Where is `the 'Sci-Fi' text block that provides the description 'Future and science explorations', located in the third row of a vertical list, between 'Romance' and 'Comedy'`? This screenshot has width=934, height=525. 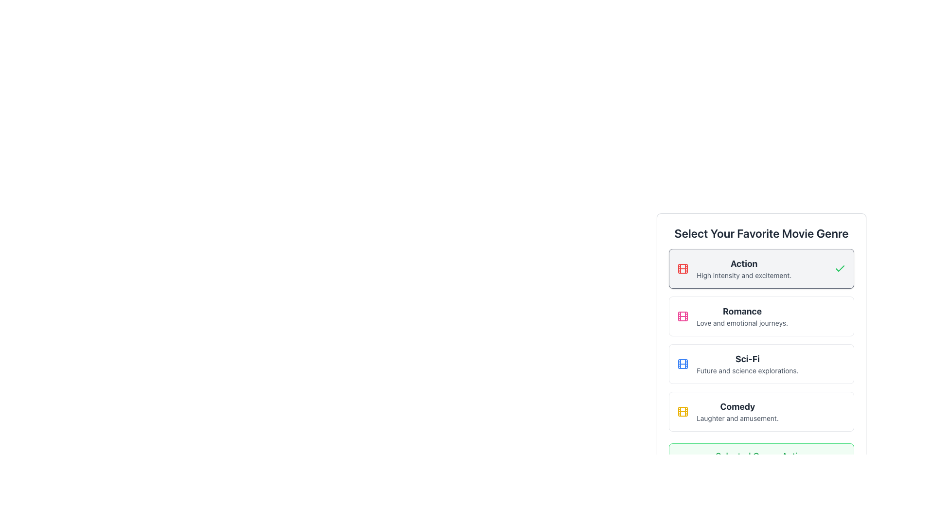
the 'Sci-Fi' text block that provides the description 'Future and science explorations', located in the third row of a vertical list, between 'Romance' and 'Comedy' is located at coordinates (747, 364).